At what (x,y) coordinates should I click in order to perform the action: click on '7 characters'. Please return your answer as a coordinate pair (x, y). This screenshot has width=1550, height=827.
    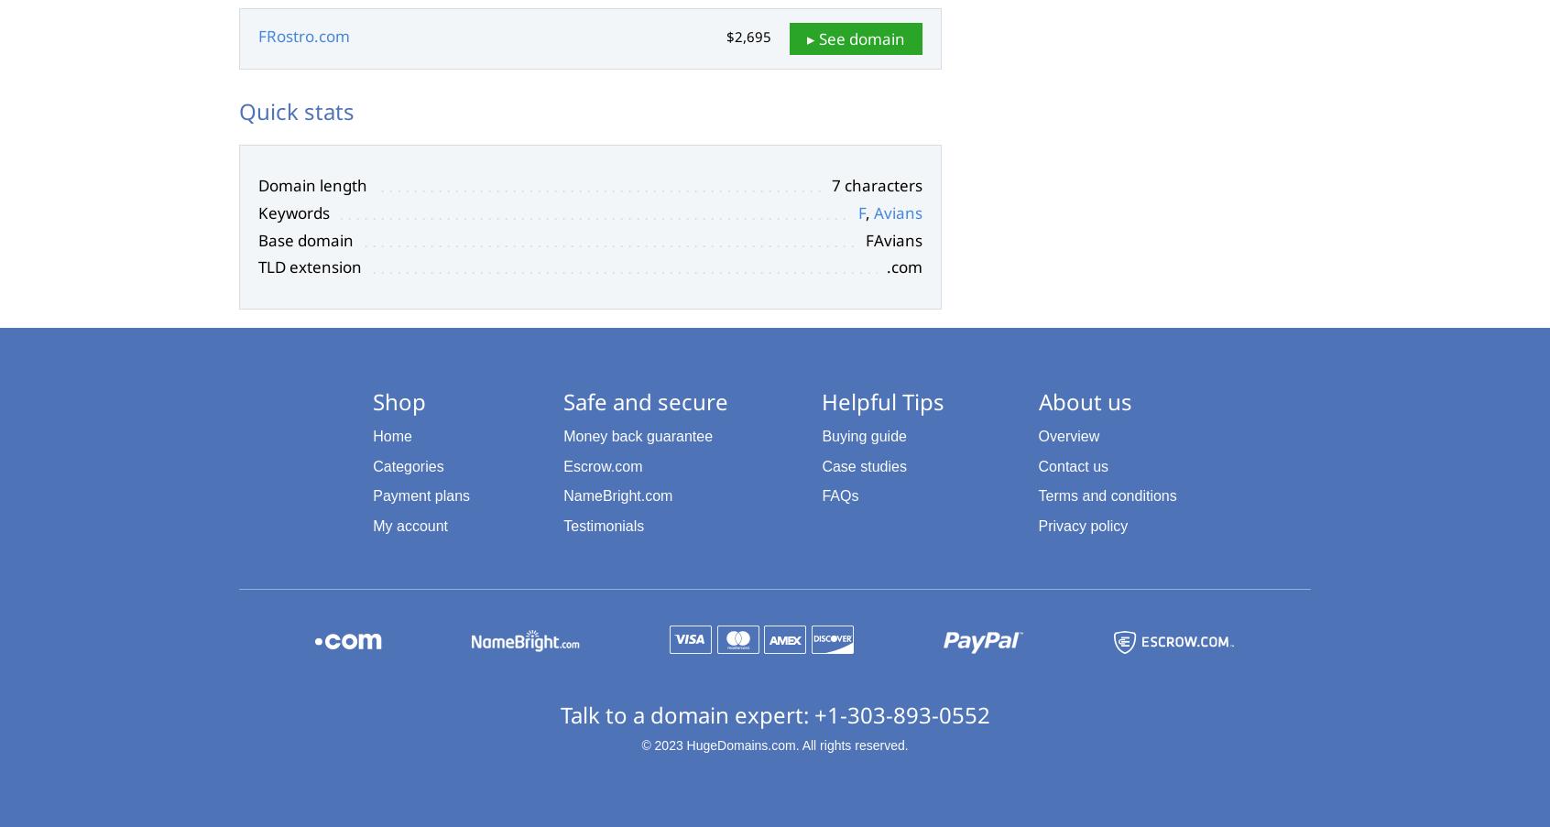
    Looking at the image, I should click on (830, 185).